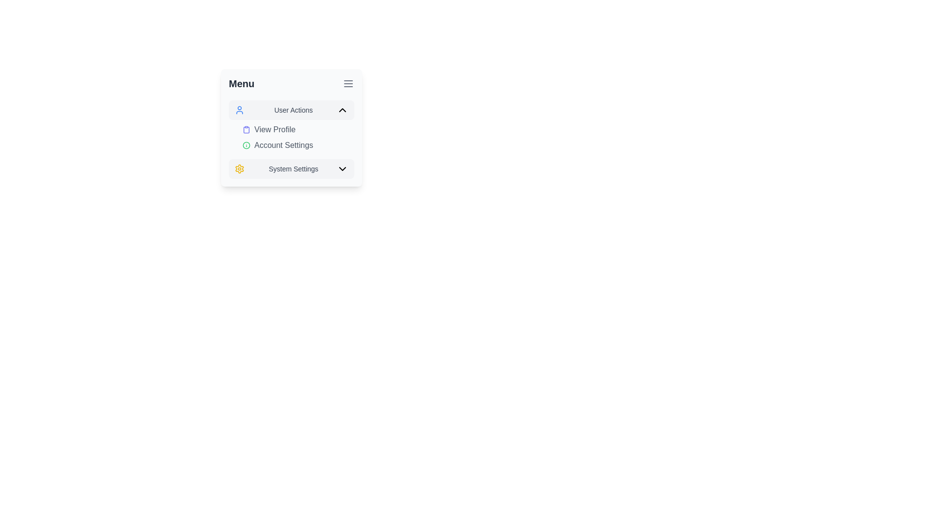 This screenshot has width=941, height=529. I want to click on the first button in the 'User Actions' dropdown menu to initiate navigation to the profile page or profile-related settings, so click(298, 129).